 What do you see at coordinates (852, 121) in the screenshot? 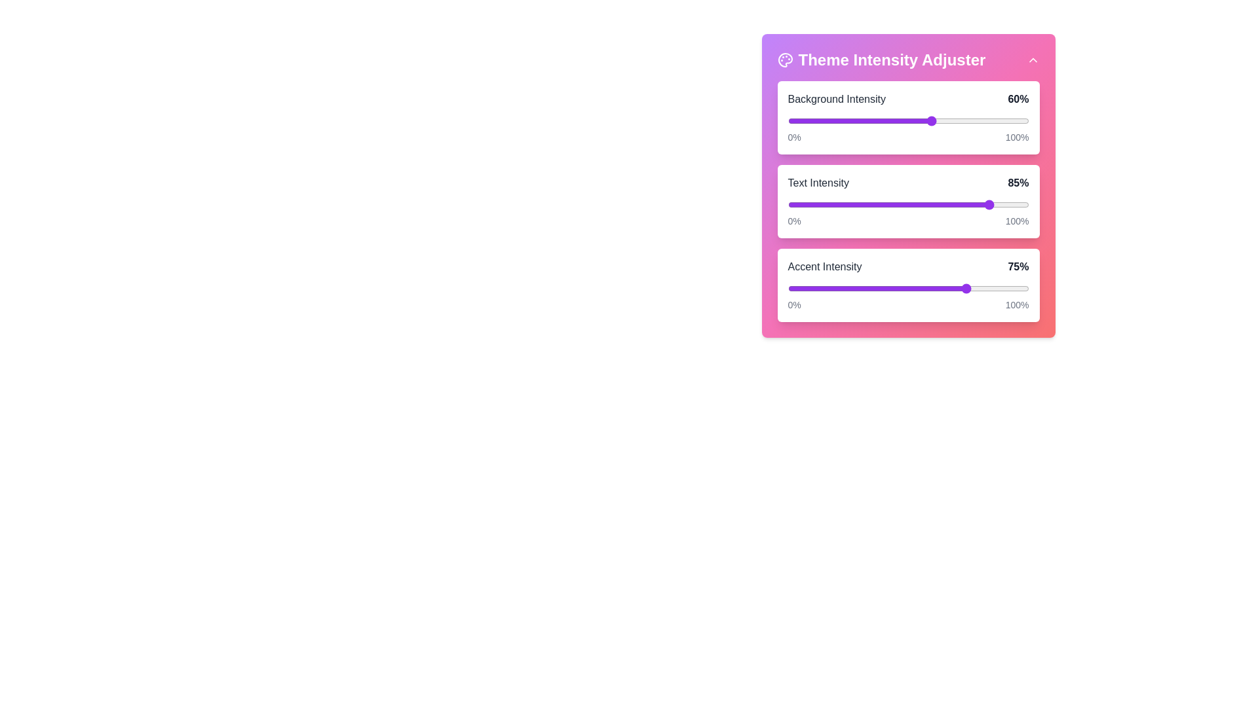
I see `the background intensity` at bounding box center [852, 121].